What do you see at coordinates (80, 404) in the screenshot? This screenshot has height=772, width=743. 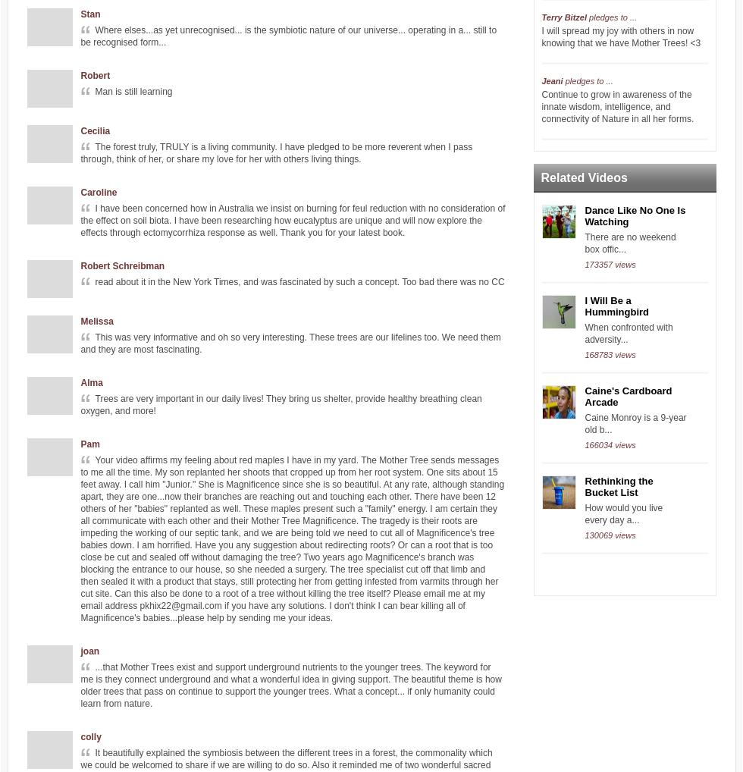 I see `'Trees are very important in our daily lives! They bring us shelter, provide healthy breathing clean oxygen, and more!'` at bounding box center [80, 404].